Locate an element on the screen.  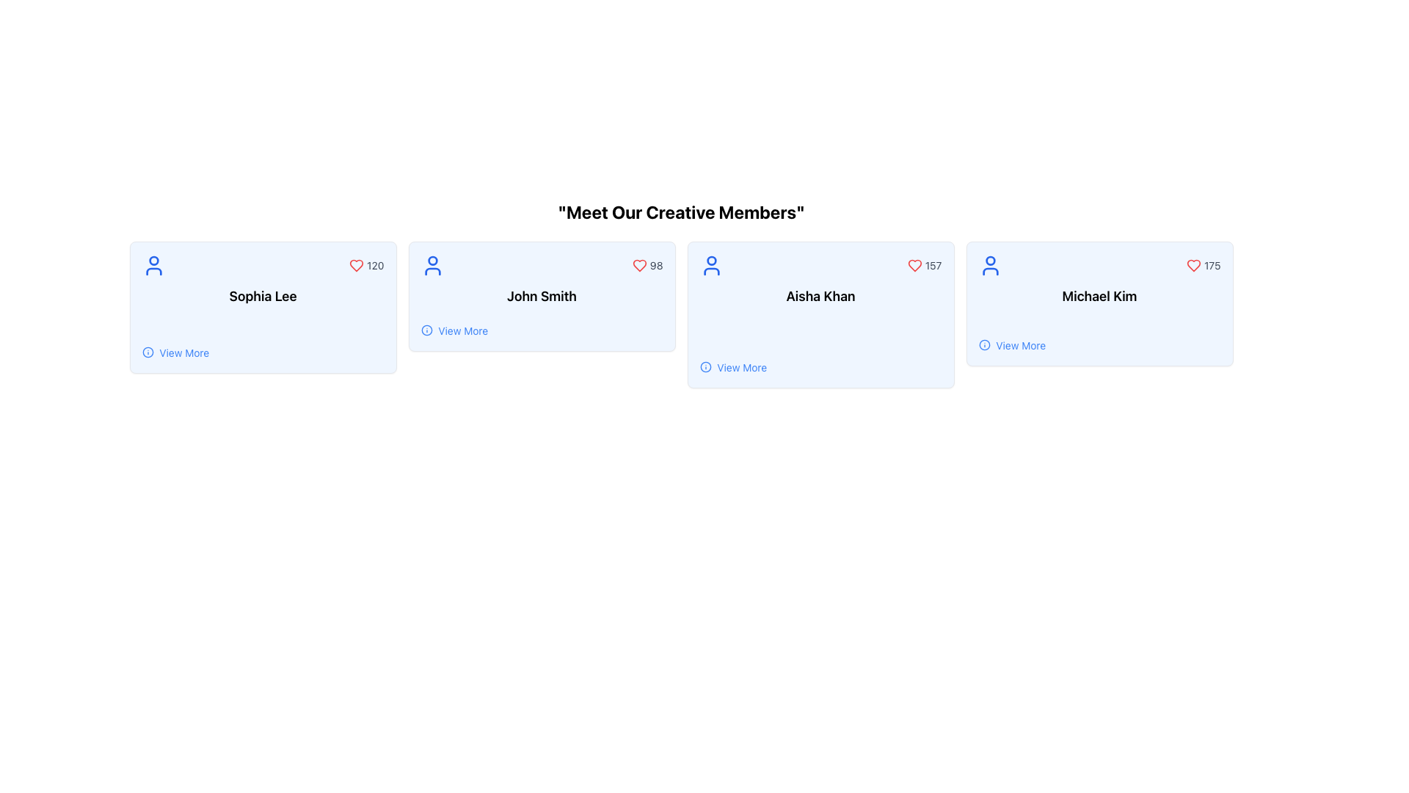
the 'View More' button associated with 'Aisha Khan' to underline it is located at coordinates (733, 367).